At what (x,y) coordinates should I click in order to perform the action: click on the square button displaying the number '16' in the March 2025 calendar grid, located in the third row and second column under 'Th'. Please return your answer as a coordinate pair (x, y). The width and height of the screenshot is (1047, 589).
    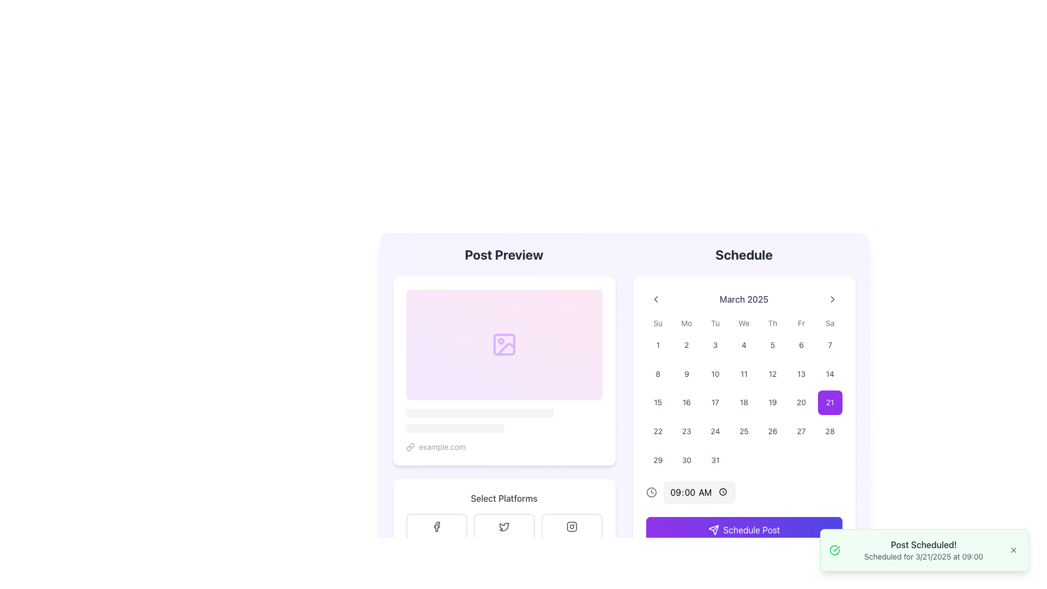
    Looking at the image, I should click on (686, 402).